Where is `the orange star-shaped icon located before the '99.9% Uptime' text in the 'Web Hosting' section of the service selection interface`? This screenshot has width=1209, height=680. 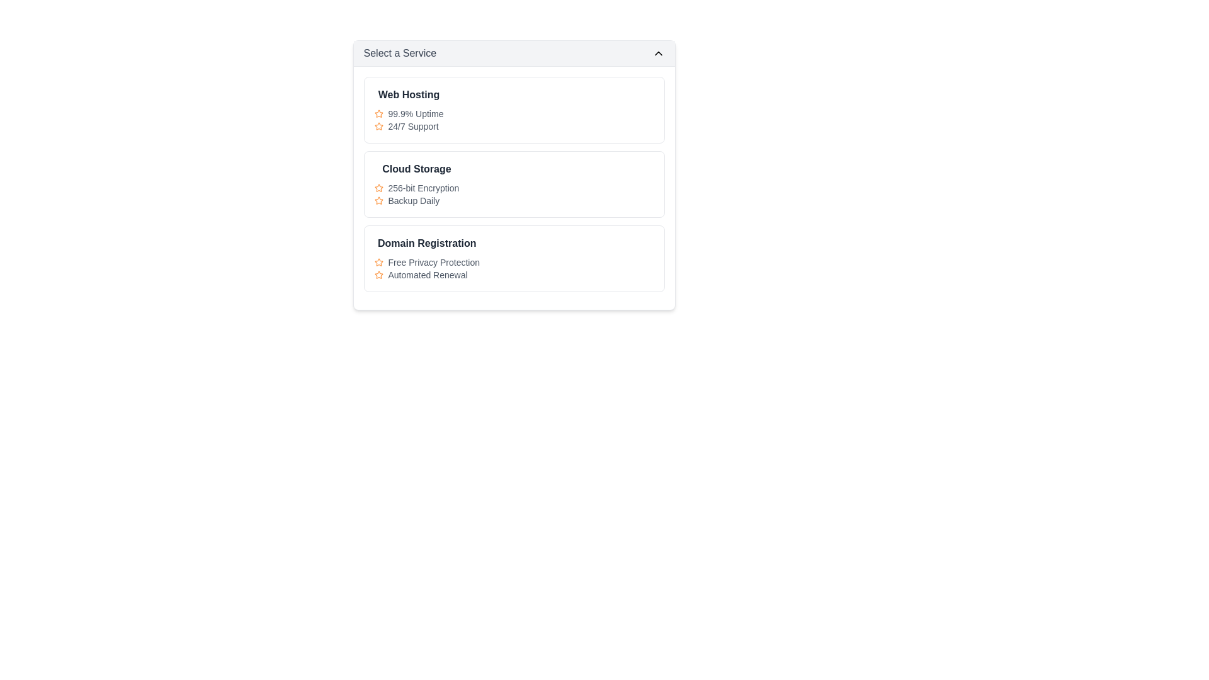
the orange star-shaped icon located before the '99.9% Uptime' text in the 'Web Hosting' section of the service selection interface is located at coordinates (378, 114).